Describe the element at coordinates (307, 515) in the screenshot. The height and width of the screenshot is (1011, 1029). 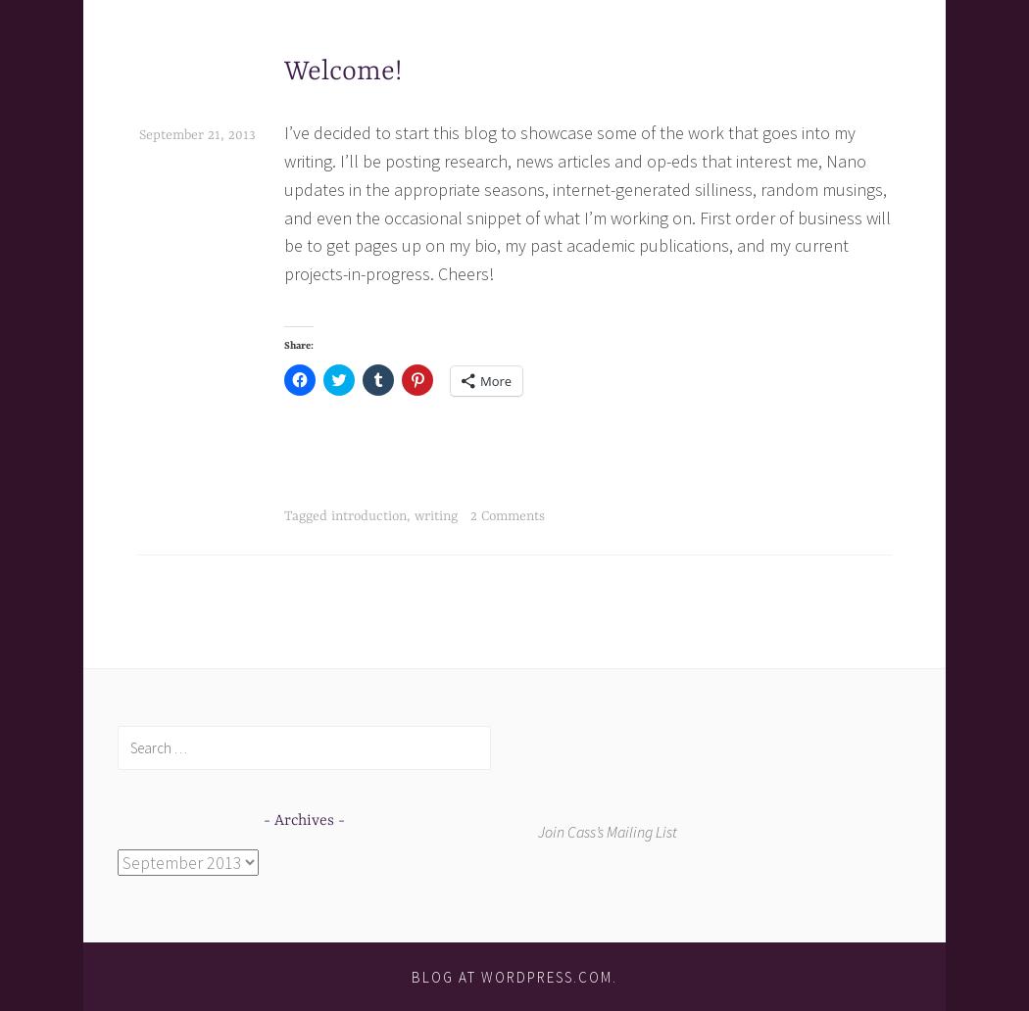
I see `'Tagged'` at that location.